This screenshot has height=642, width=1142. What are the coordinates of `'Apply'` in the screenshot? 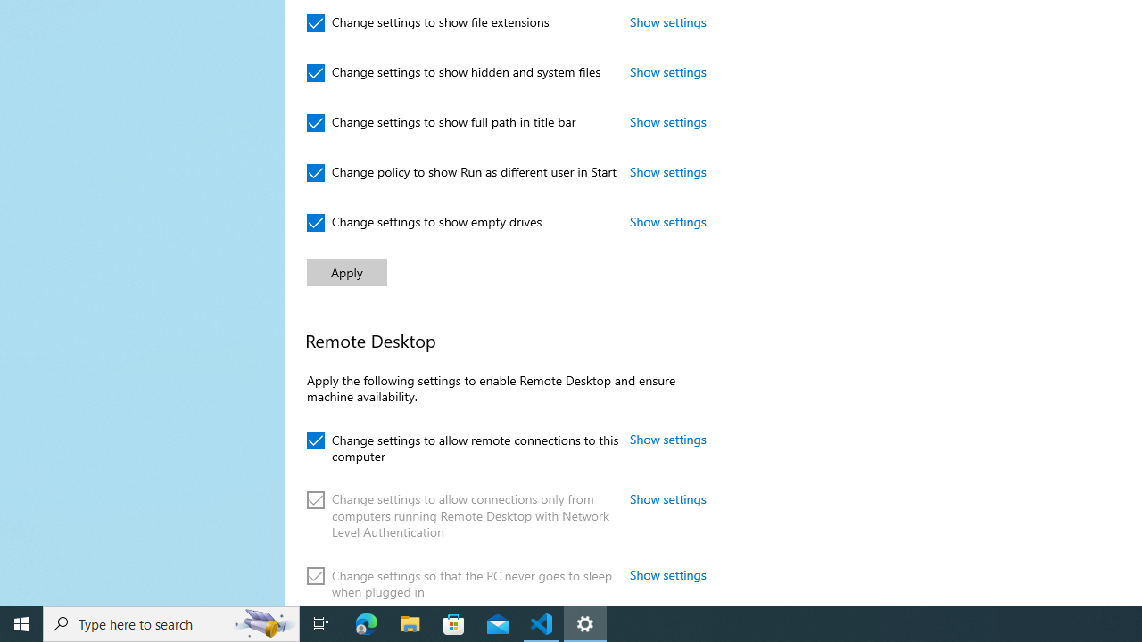 It's located at (347, 272).